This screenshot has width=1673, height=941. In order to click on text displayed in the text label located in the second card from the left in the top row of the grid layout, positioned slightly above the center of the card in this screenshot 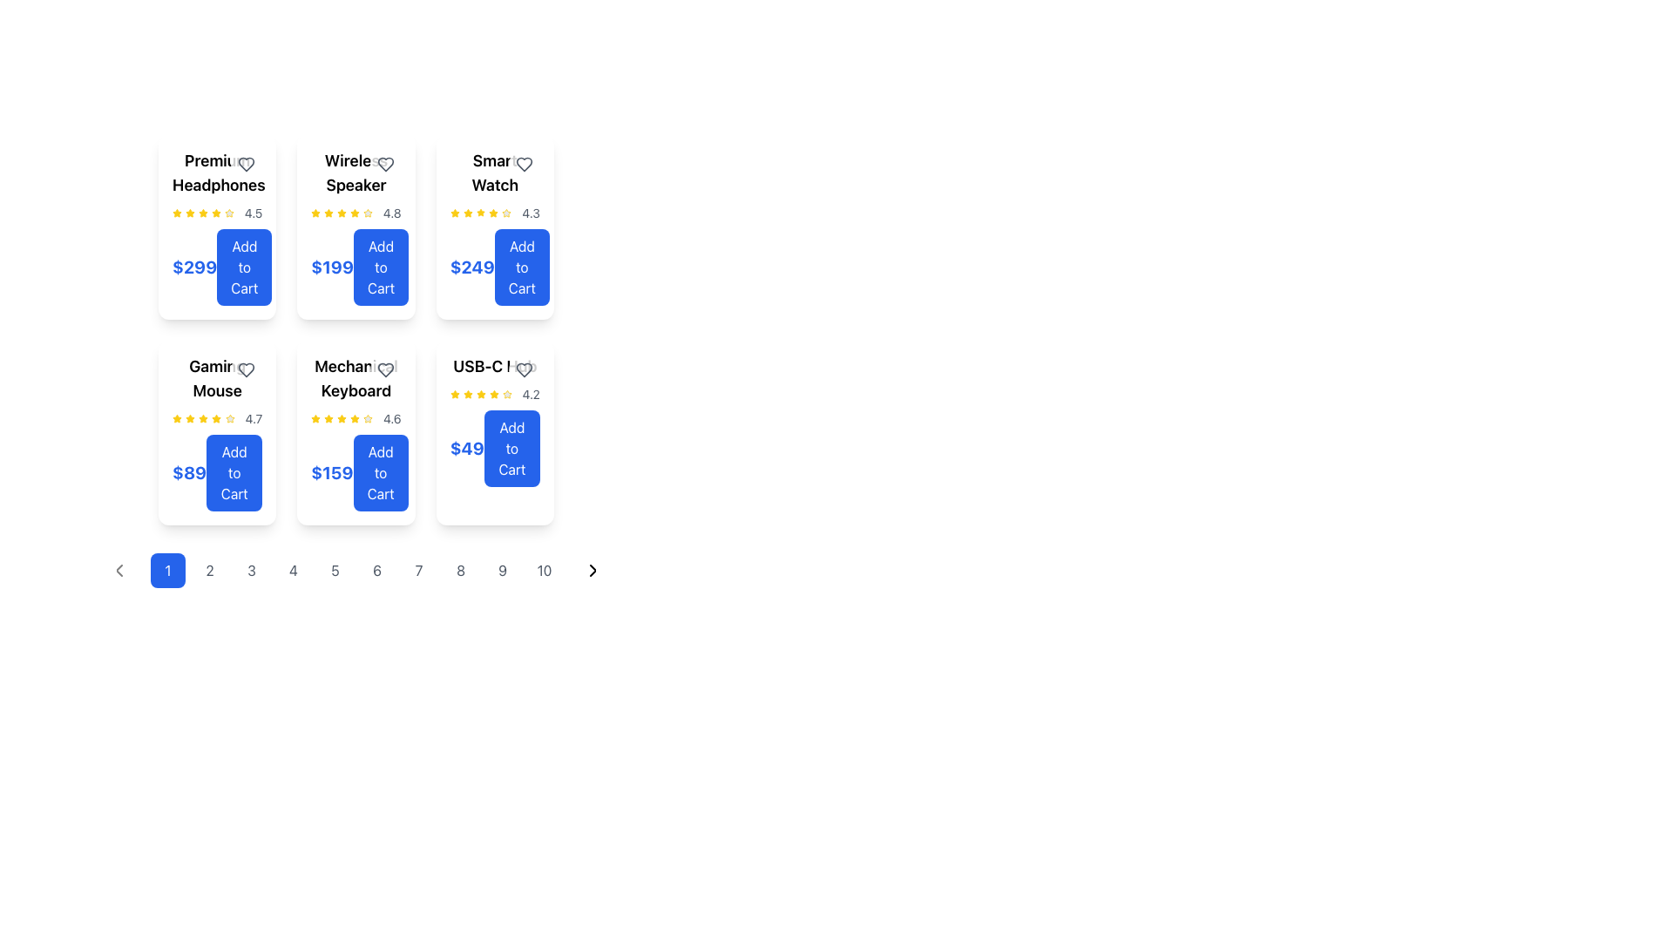, I will do `click(355, 173)`.